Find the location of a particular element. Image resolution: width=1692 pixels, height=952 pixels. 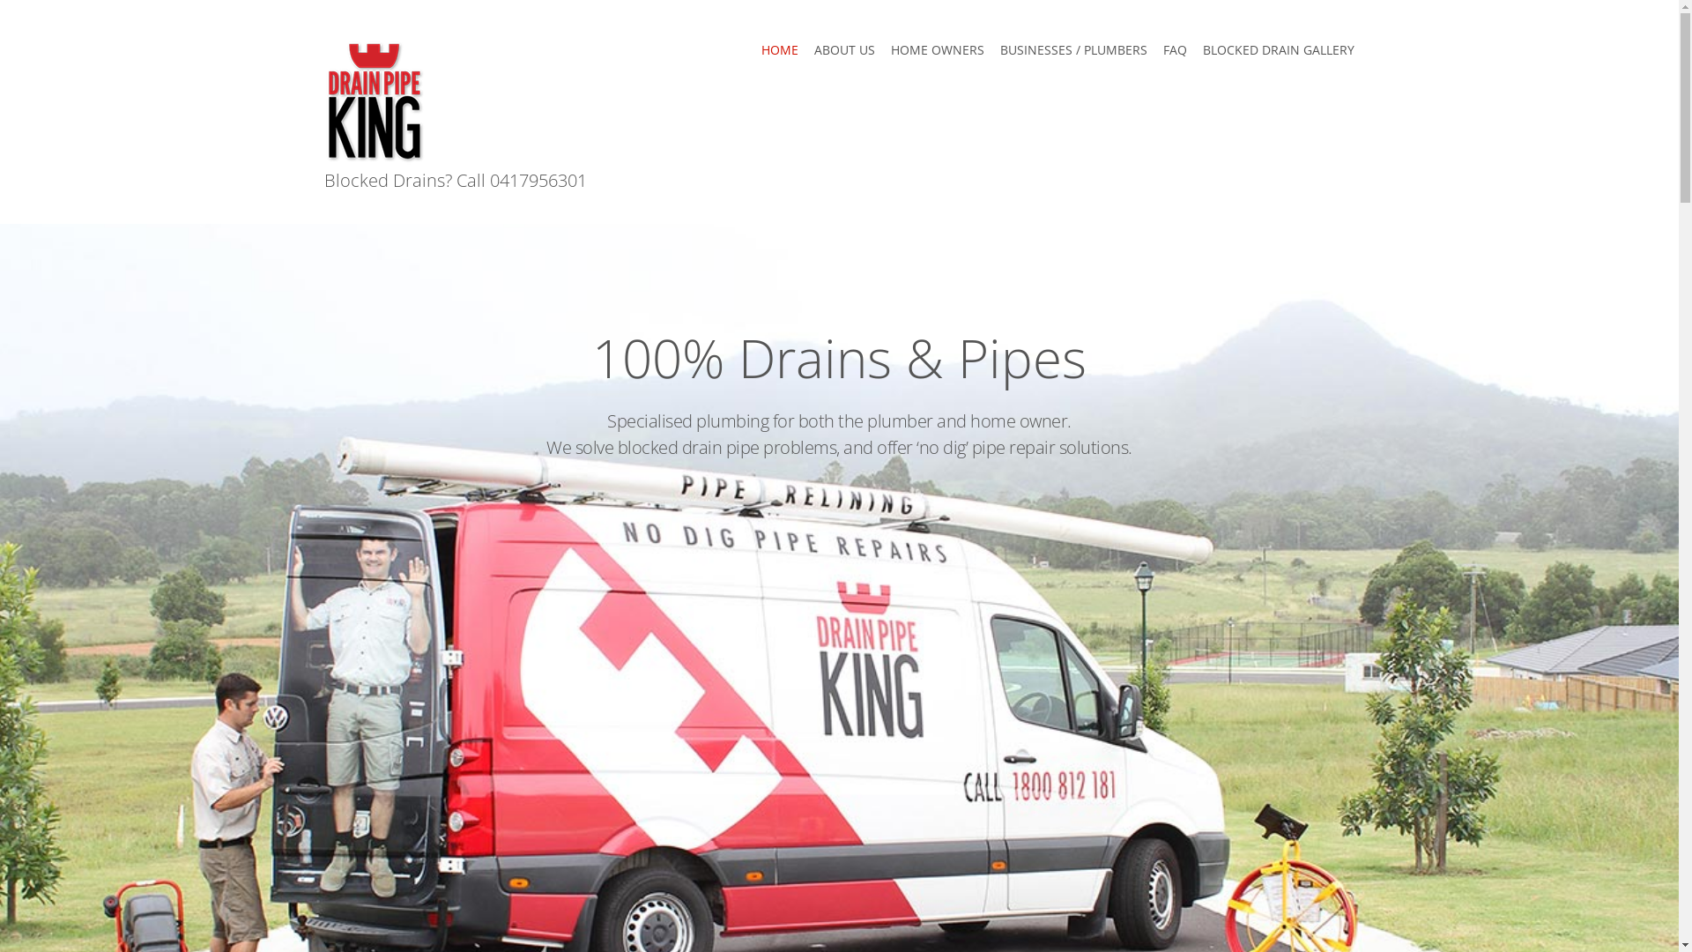

'FAQ' is located at coordinates (1175, 49).